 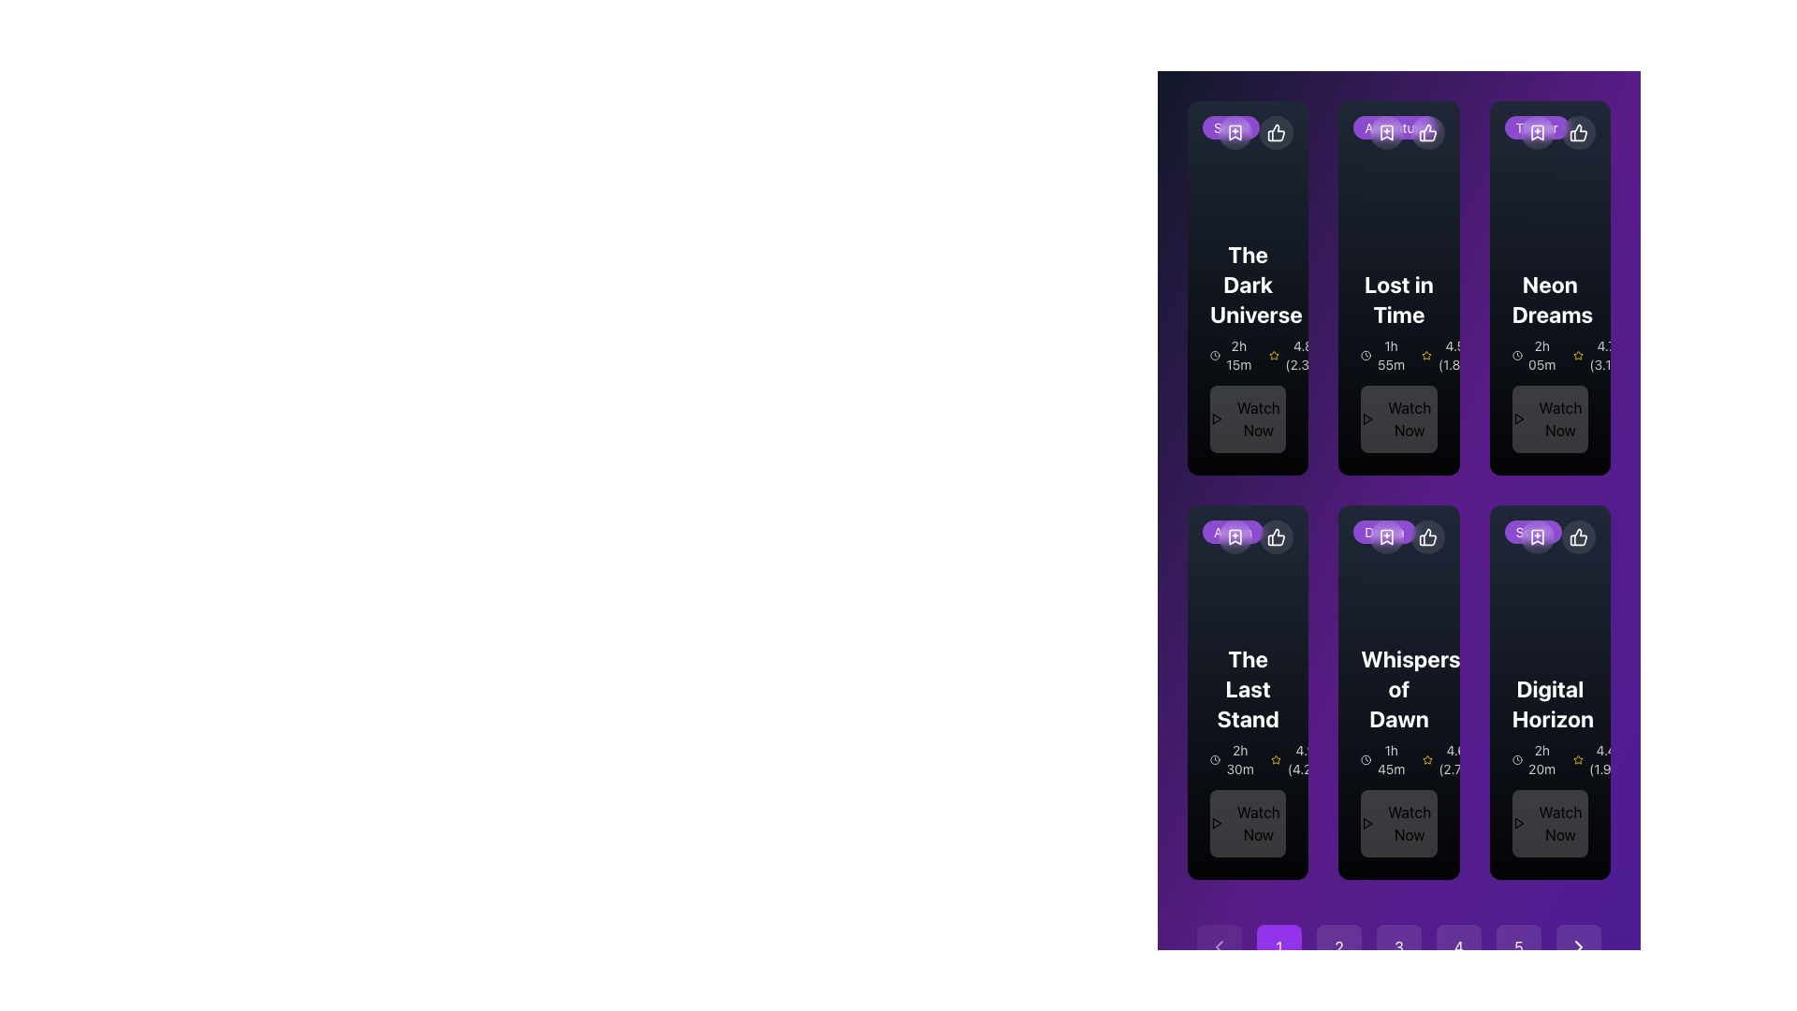 What do you see at coordinates (1533, 532) in the screenshot?
I see `the rounded rectangular label with a purple background and the text 'Sci-Fi', located in the top-left corner of the card for the movie 'Digital Horizon'` at bounding box center [1533, 532].